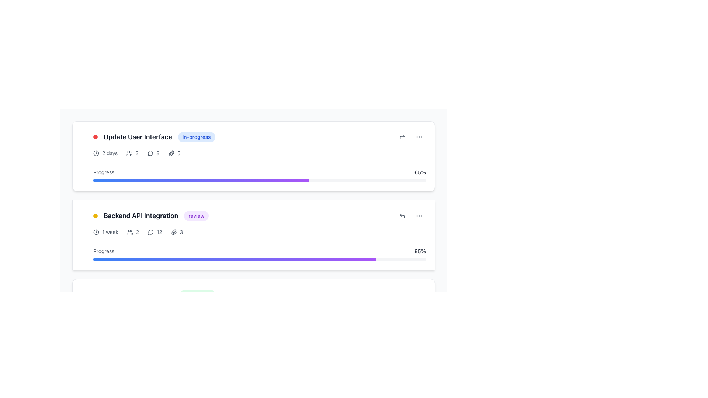  I want to click on the purple label with rounded corners that contains the text 'review', located at the right end of the 'Backend API Integration' header within a task card, so click(196, 216).